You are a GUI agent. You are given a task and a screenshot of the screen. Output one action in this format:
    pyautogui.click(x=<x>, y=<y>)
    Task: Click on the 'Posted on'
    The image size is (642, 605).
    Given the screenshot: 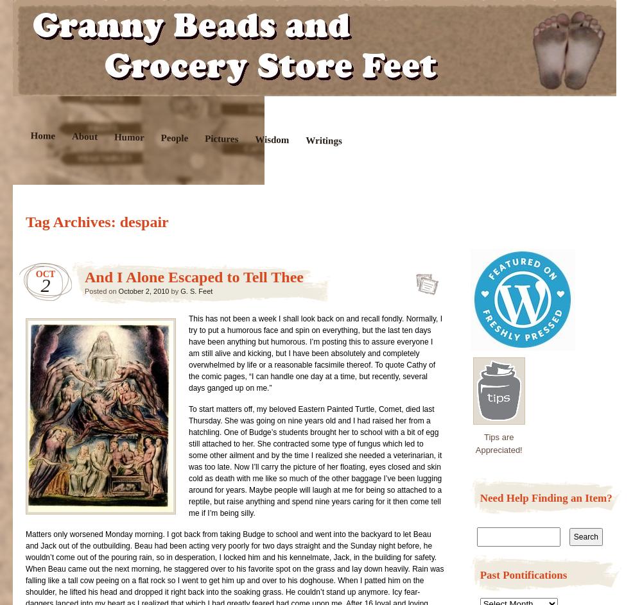 What is the action you would take?
    pyautogui.click(x=101, y=291)
    